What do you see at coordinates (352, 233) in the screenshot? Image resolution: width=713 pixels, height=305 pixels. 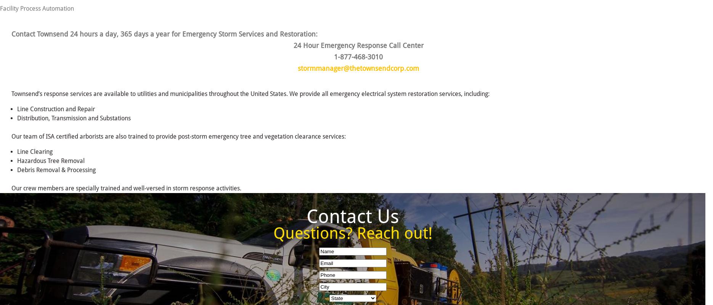 I see `'Questions? Reach out!'` at bounding box center [352, 233].